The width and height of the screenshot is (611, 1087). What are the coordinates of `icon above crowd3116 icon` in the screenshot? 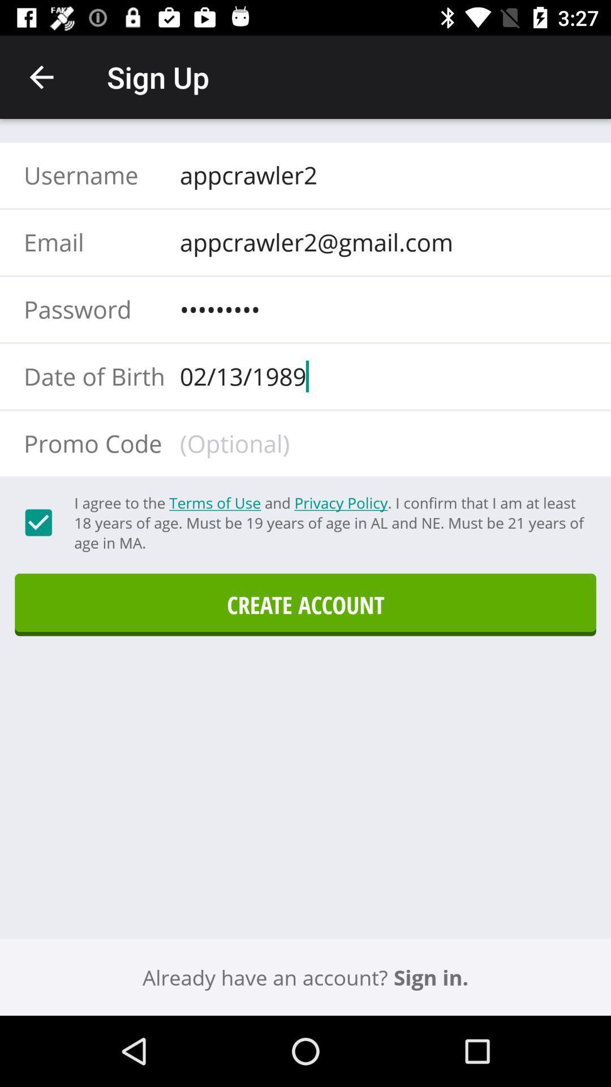 It's located at (380, 241).